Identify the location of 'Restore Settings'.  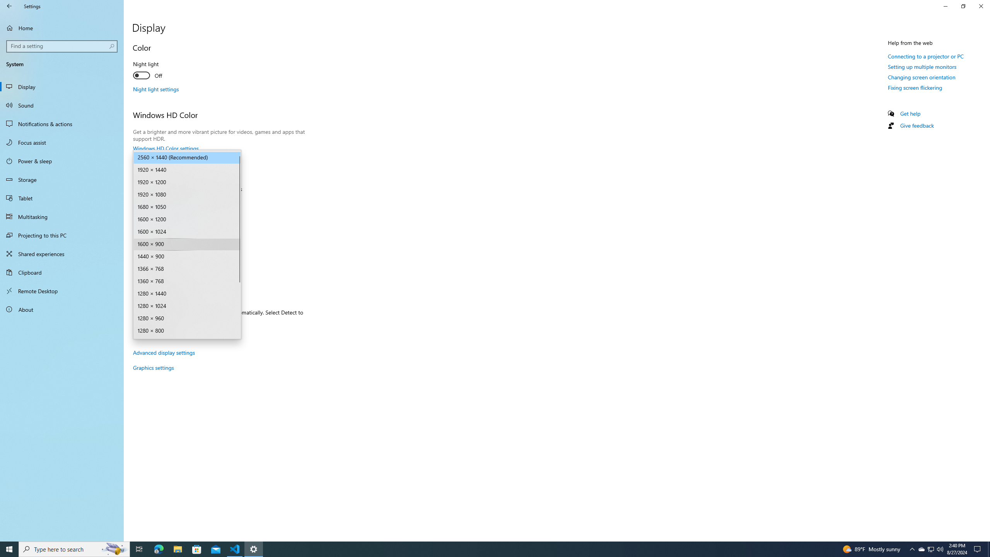
(963, 6).